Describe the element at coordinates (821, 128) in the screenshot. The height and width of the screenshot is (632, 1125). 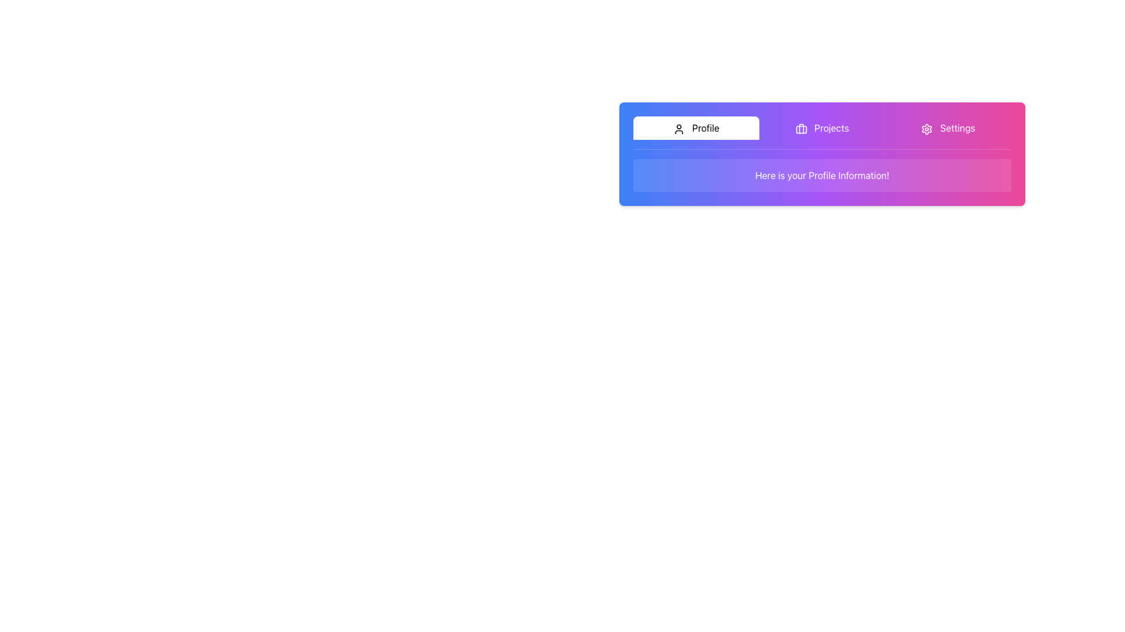
I see `the 'Projects' button, which is the second item in a horizontal menu located between the 'Profile' button and the 'Settings' button` at that location.